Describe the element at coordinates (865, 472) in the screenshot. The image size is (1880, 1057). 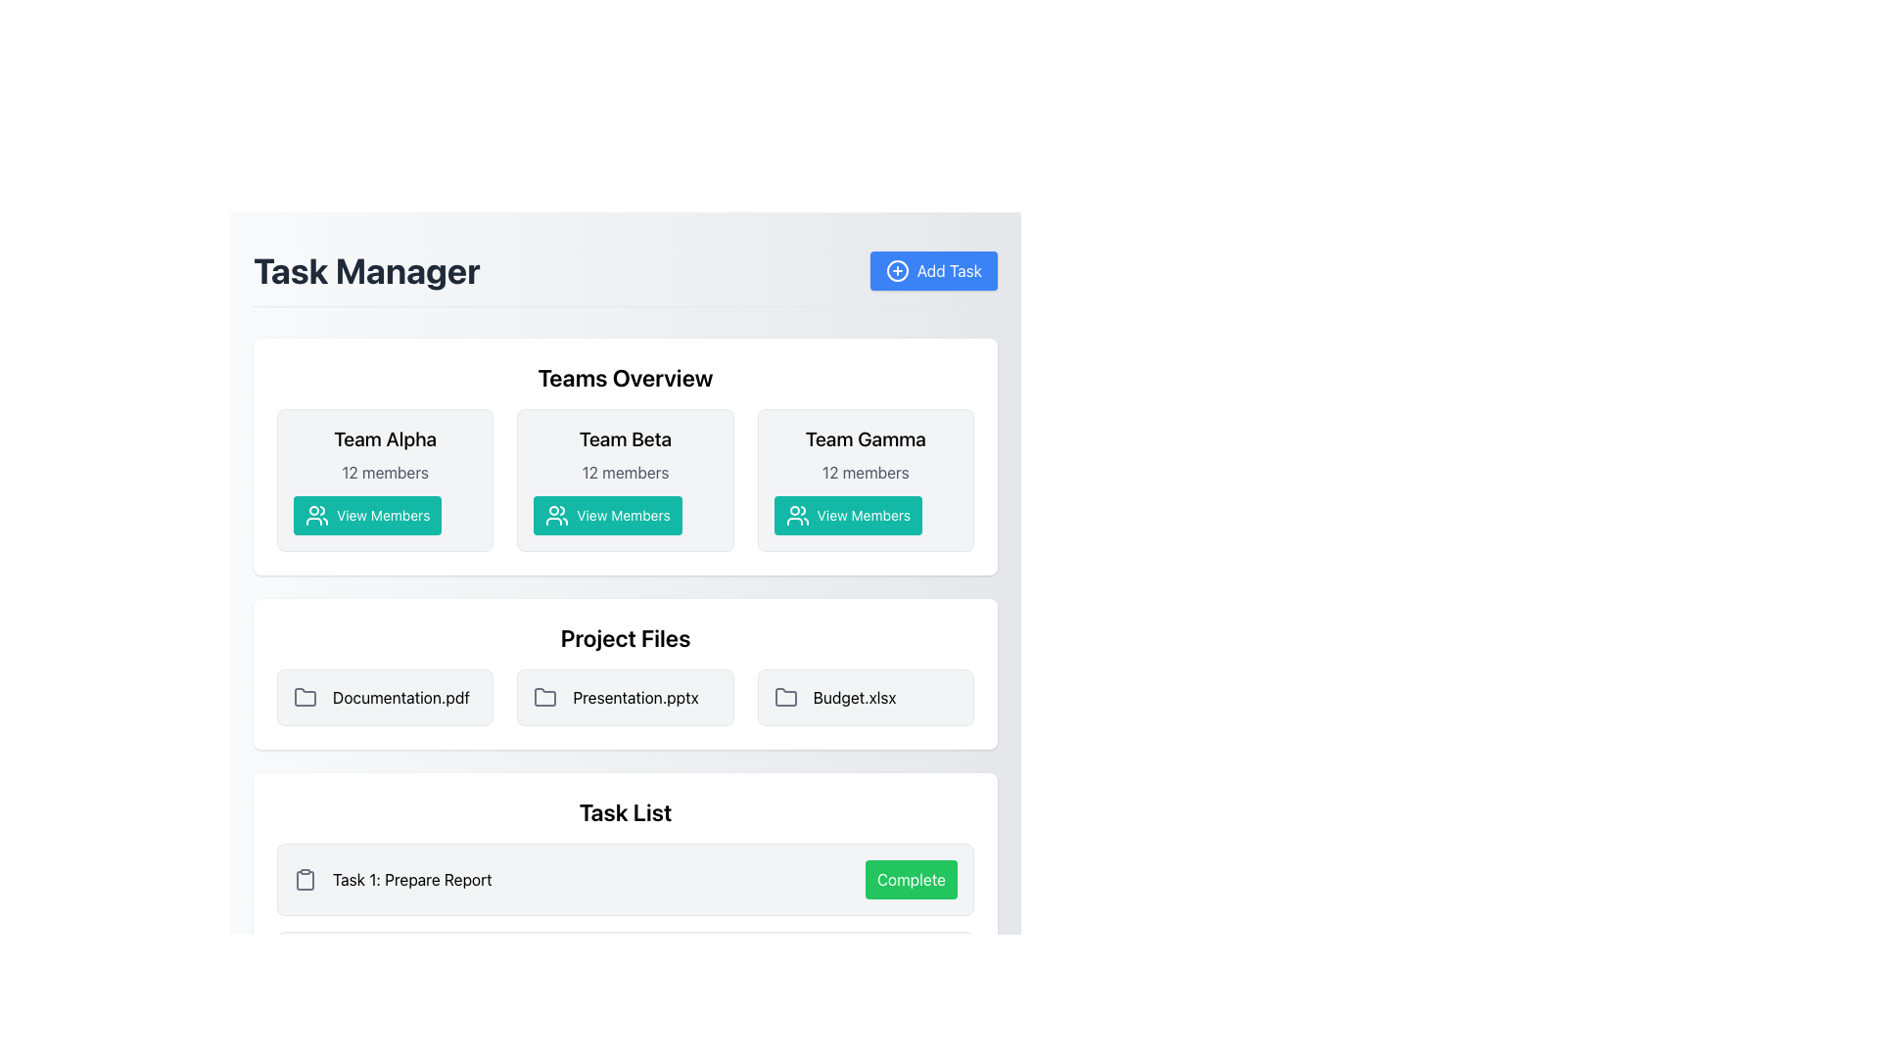
I see `the text label displaying '12 members.' located in the 'Team Gamma' card, which is below the title 'Team Gamma' and above the 'View Members' button` at that location.